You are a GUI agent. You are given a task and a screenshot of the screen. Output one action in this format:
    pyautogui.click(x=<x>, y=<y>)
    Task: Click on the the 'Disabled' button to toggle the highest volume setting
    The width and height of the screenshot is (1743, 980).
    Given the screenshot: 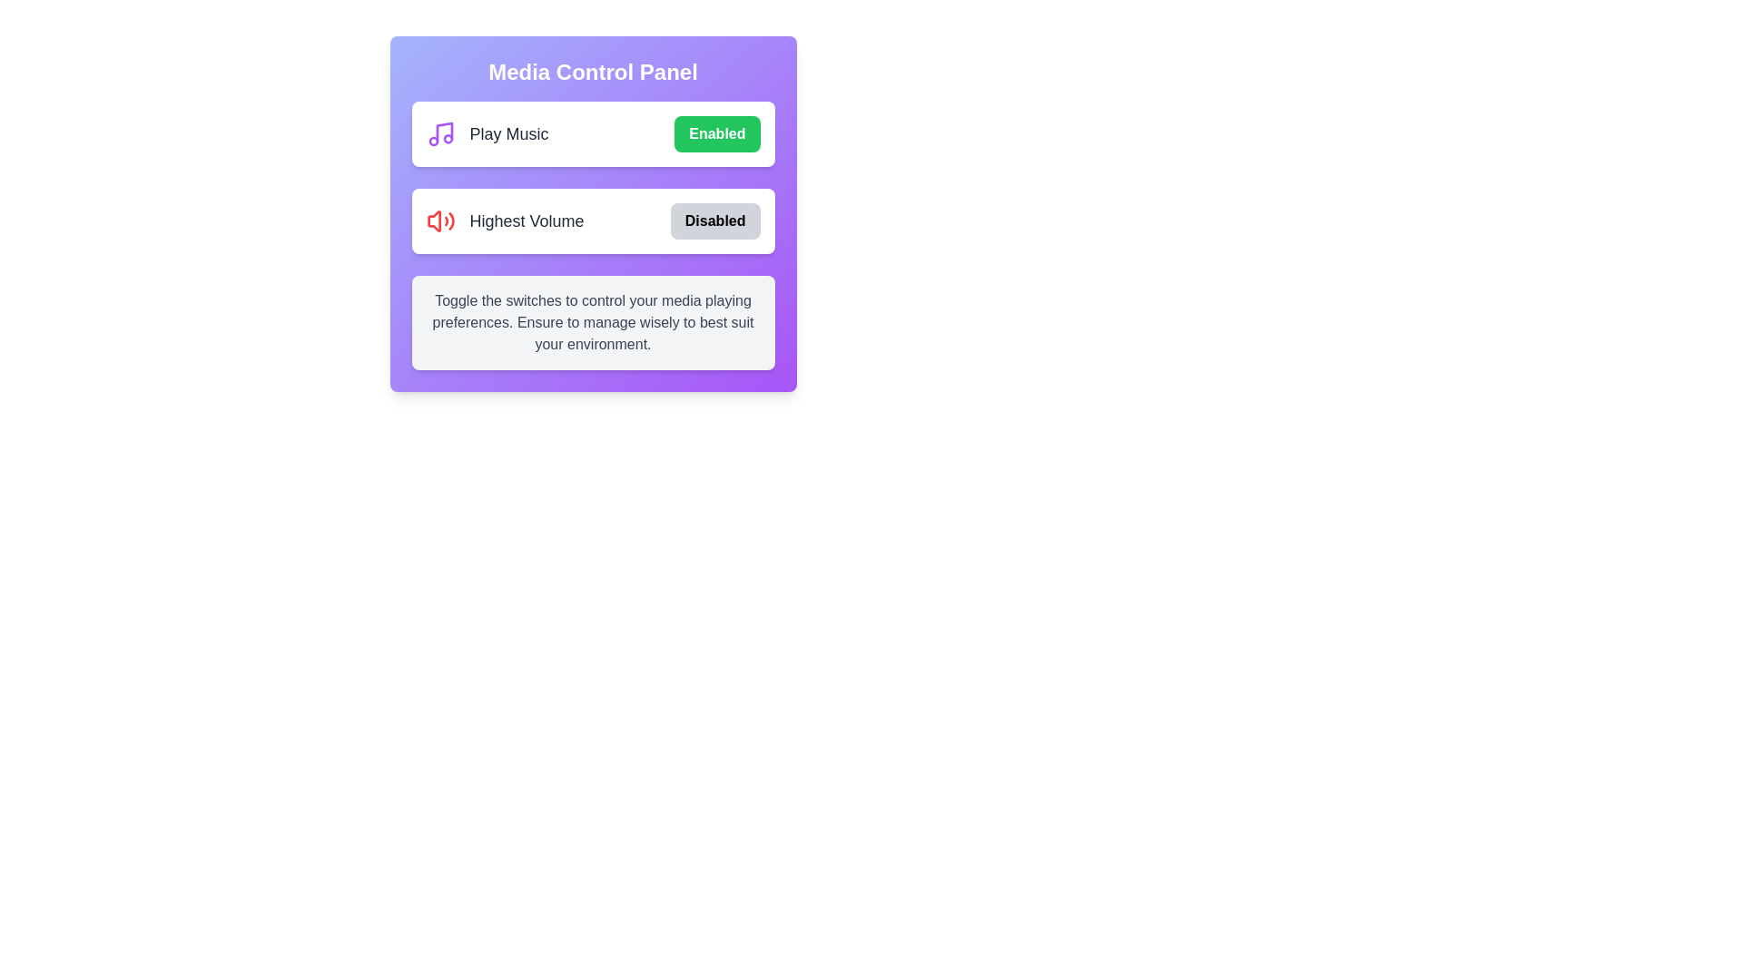 What is the action you would take?
    pyautogui.click(x=714, y=220)
    